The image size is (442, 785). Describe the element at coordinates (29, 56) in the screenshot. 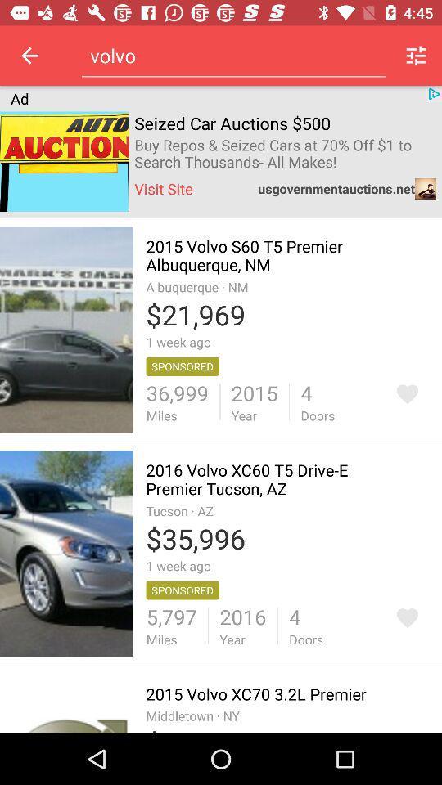

I see `item above the ad` at that location.